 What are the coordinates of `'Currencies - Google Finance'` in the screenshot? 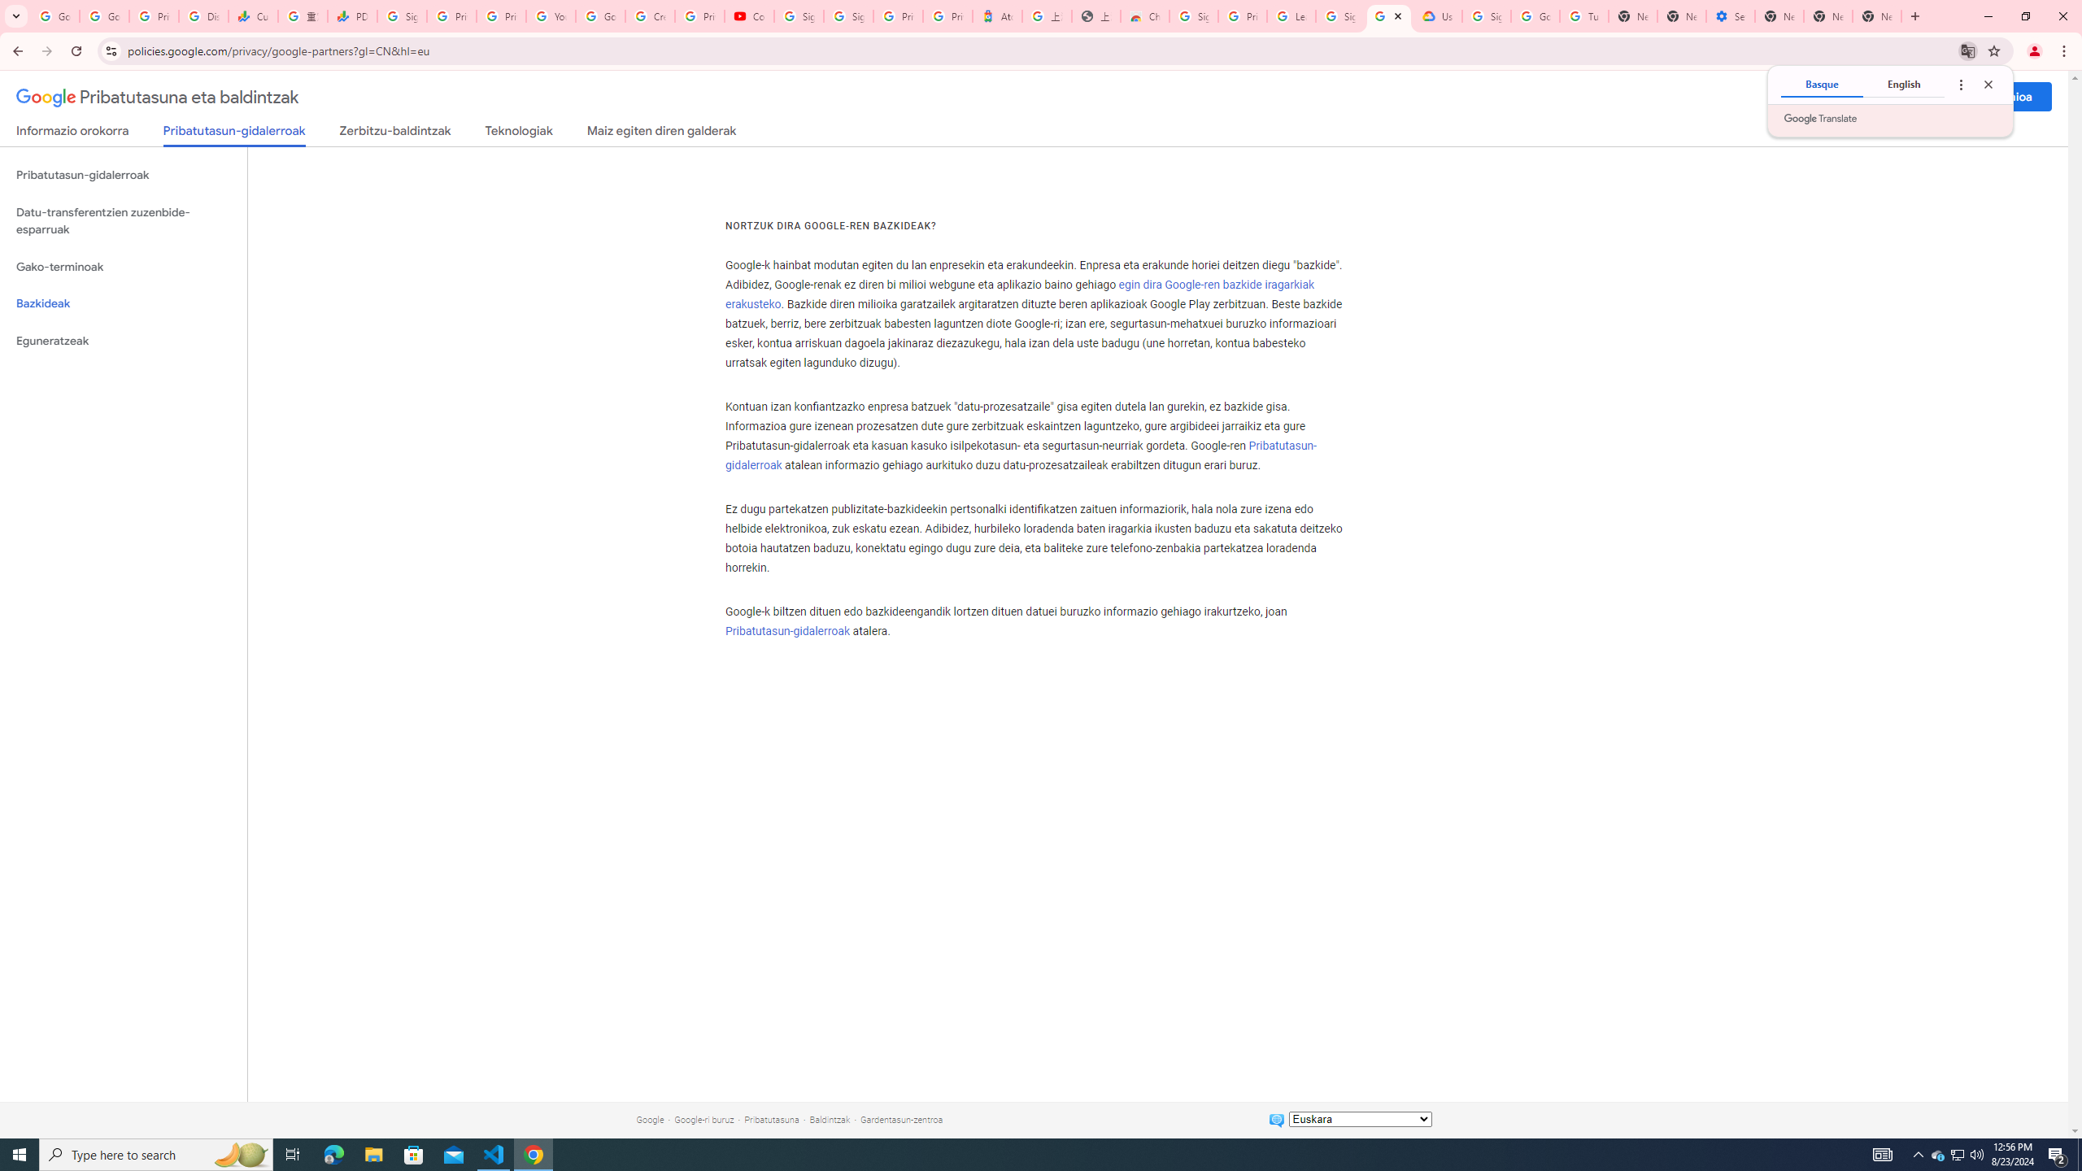 It's located at (252, 15).